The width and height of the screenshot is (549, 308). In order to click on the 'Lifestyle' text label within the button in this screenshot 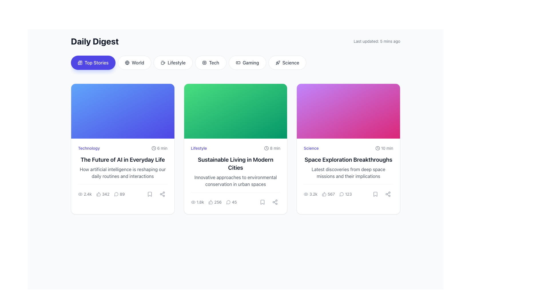, I will do `click(176, 62)`.